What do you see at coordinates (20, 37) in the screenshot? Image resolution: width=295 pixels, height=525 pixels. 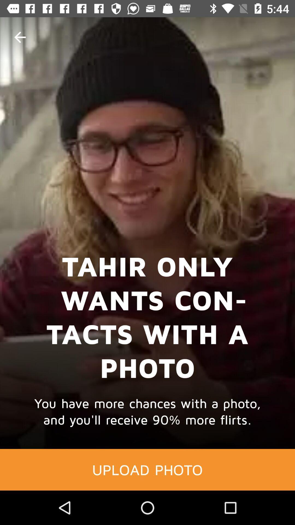 I see `the icon above the tahir only wants icon` at bounding box center [20, 37].